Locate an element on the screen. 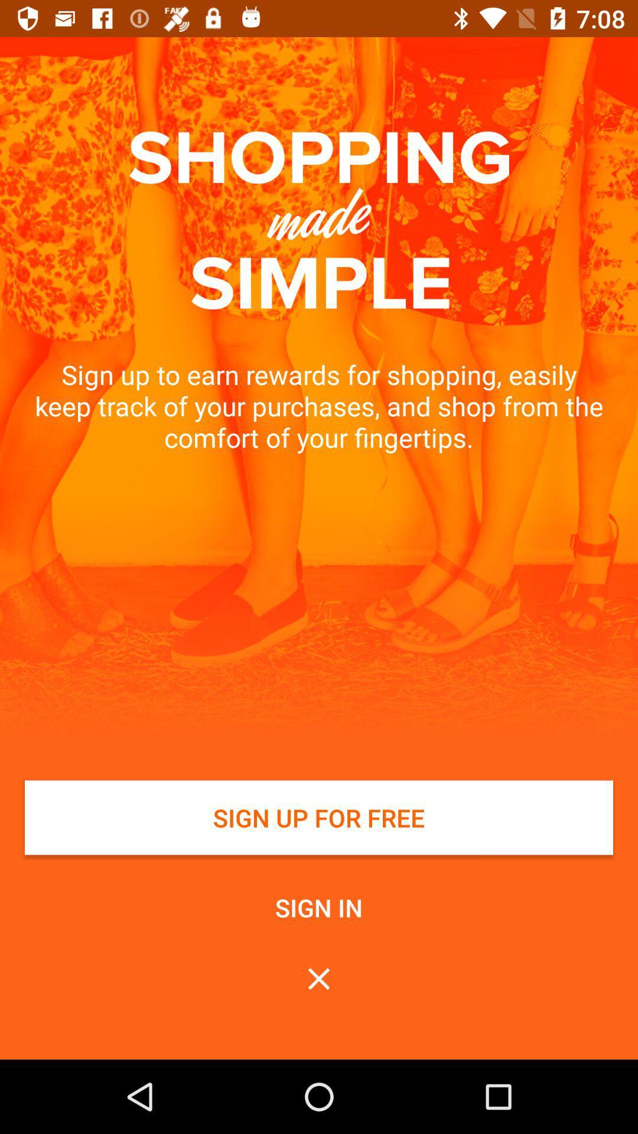 Image resolution: width=638 pixels, height=1134 pixels. white button at bottom of page is located at coordinates (319, 817).